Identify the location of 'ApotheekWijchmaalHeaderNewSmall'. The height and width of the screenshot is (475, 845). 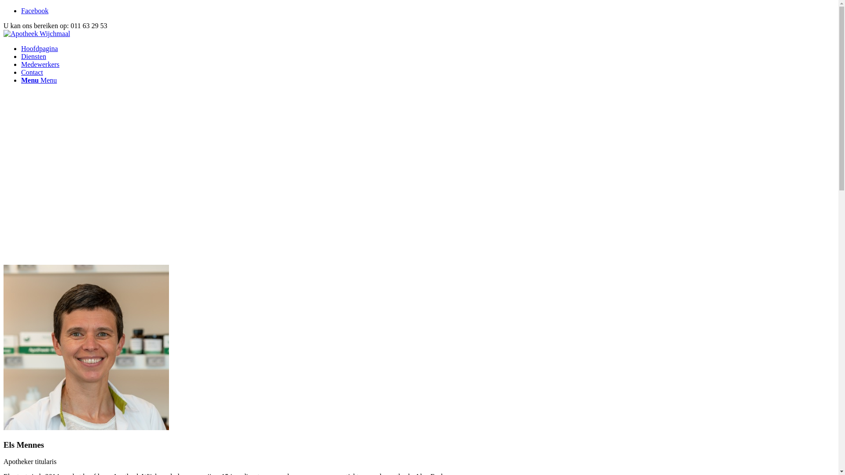
(36, 33).